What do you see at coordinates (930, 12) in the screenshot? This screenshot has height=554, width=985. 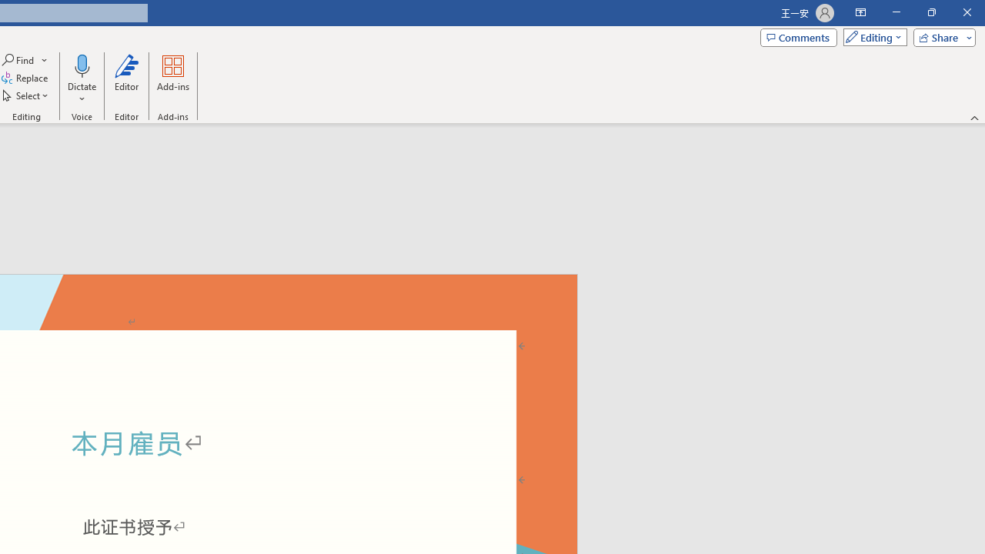 I see `'Restore Down'` at bounding box center [930, 12].